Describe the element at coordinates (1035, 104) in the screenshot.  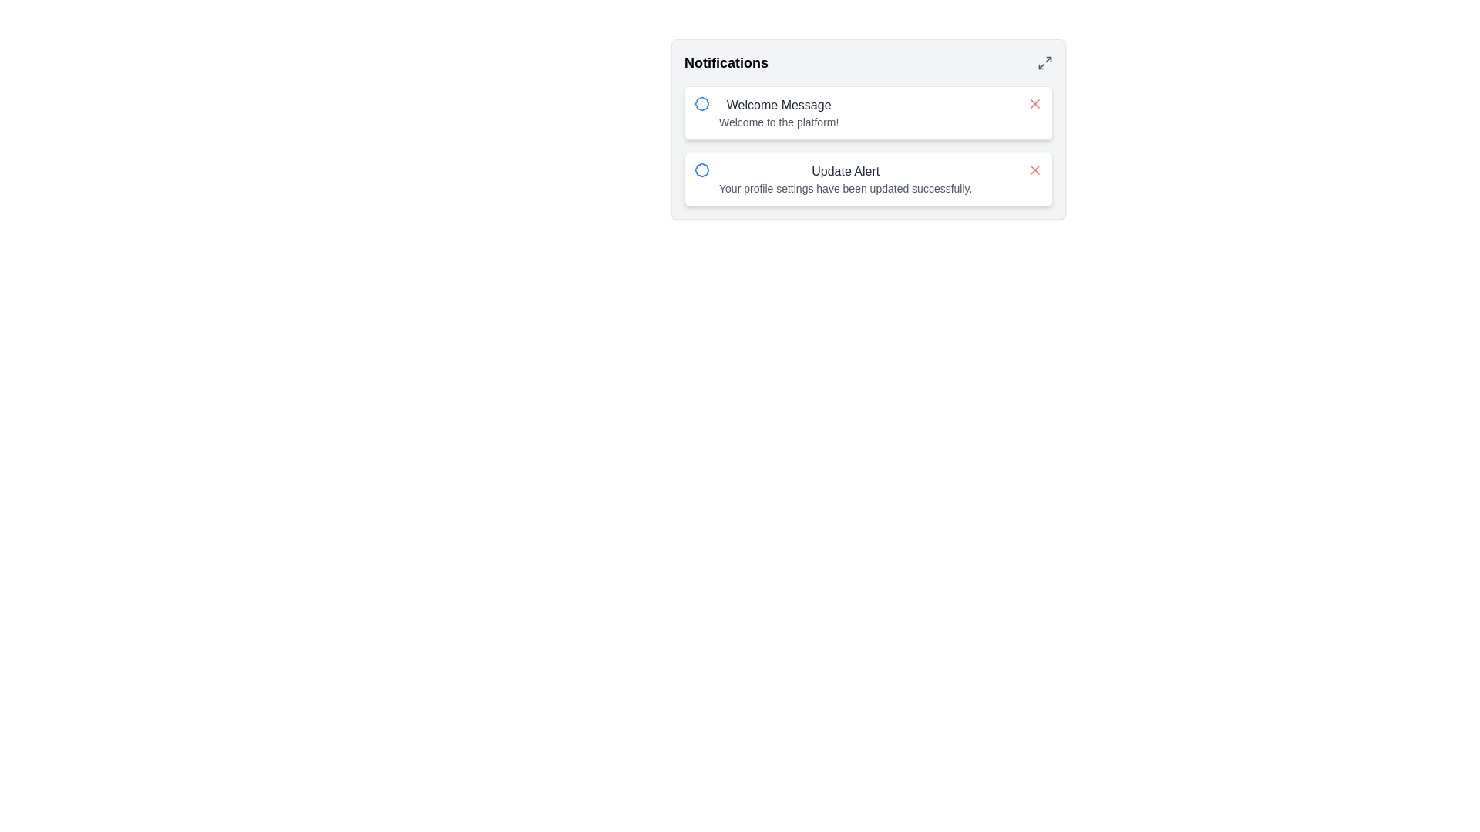
I see `the Close Icon on the right-hand side of the 'Welcome Message' notification` at that location.